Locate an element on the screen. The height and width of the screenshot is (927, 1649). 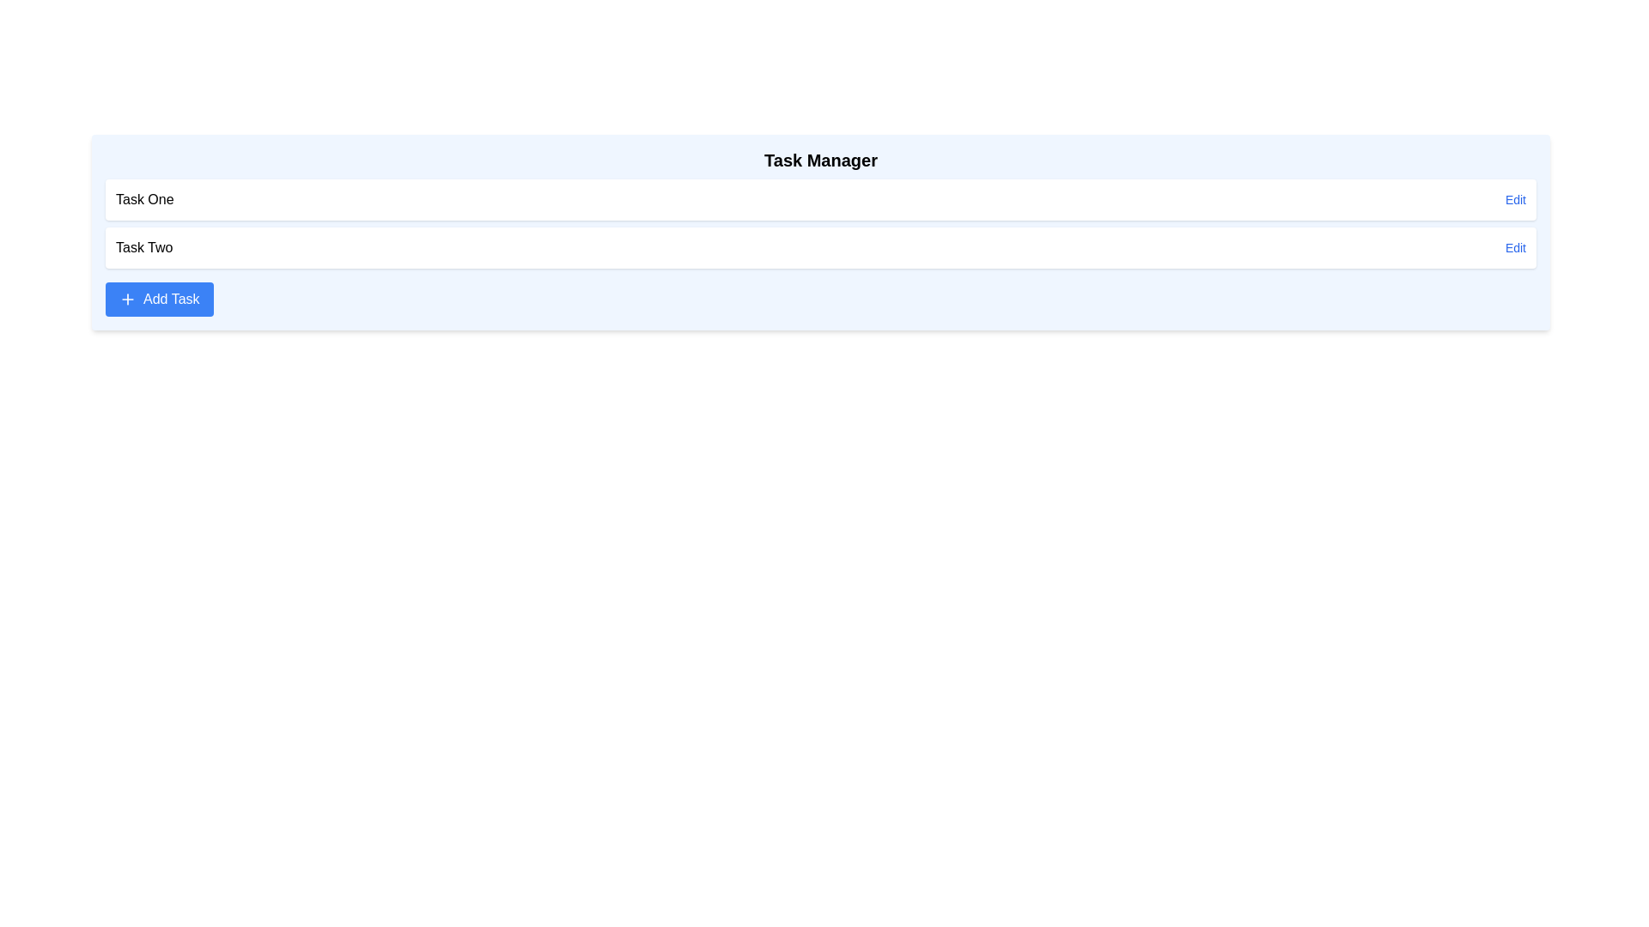
the Text Label that specifies the name or title of a task in the task management system, located in the top row of the task list to the left of the 'Edit' link is located at coordinates (144, 198).